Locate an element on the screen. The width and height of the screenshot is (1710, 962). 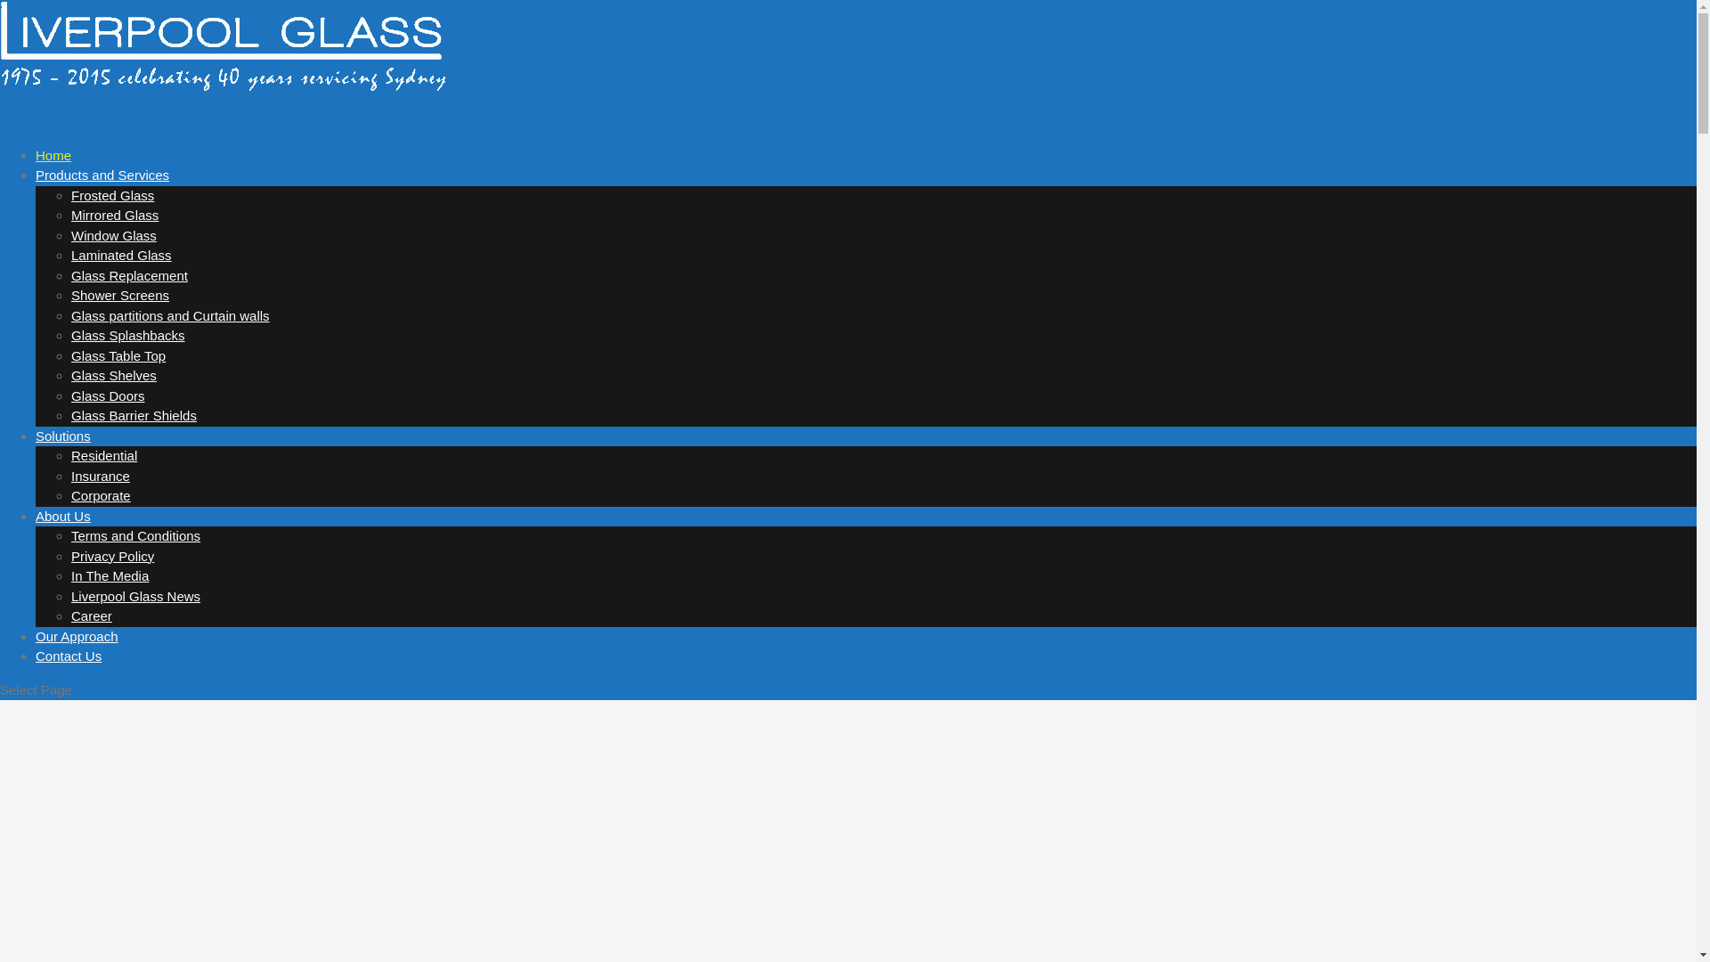
'Products and Services' is located at coordinates (102, 192).